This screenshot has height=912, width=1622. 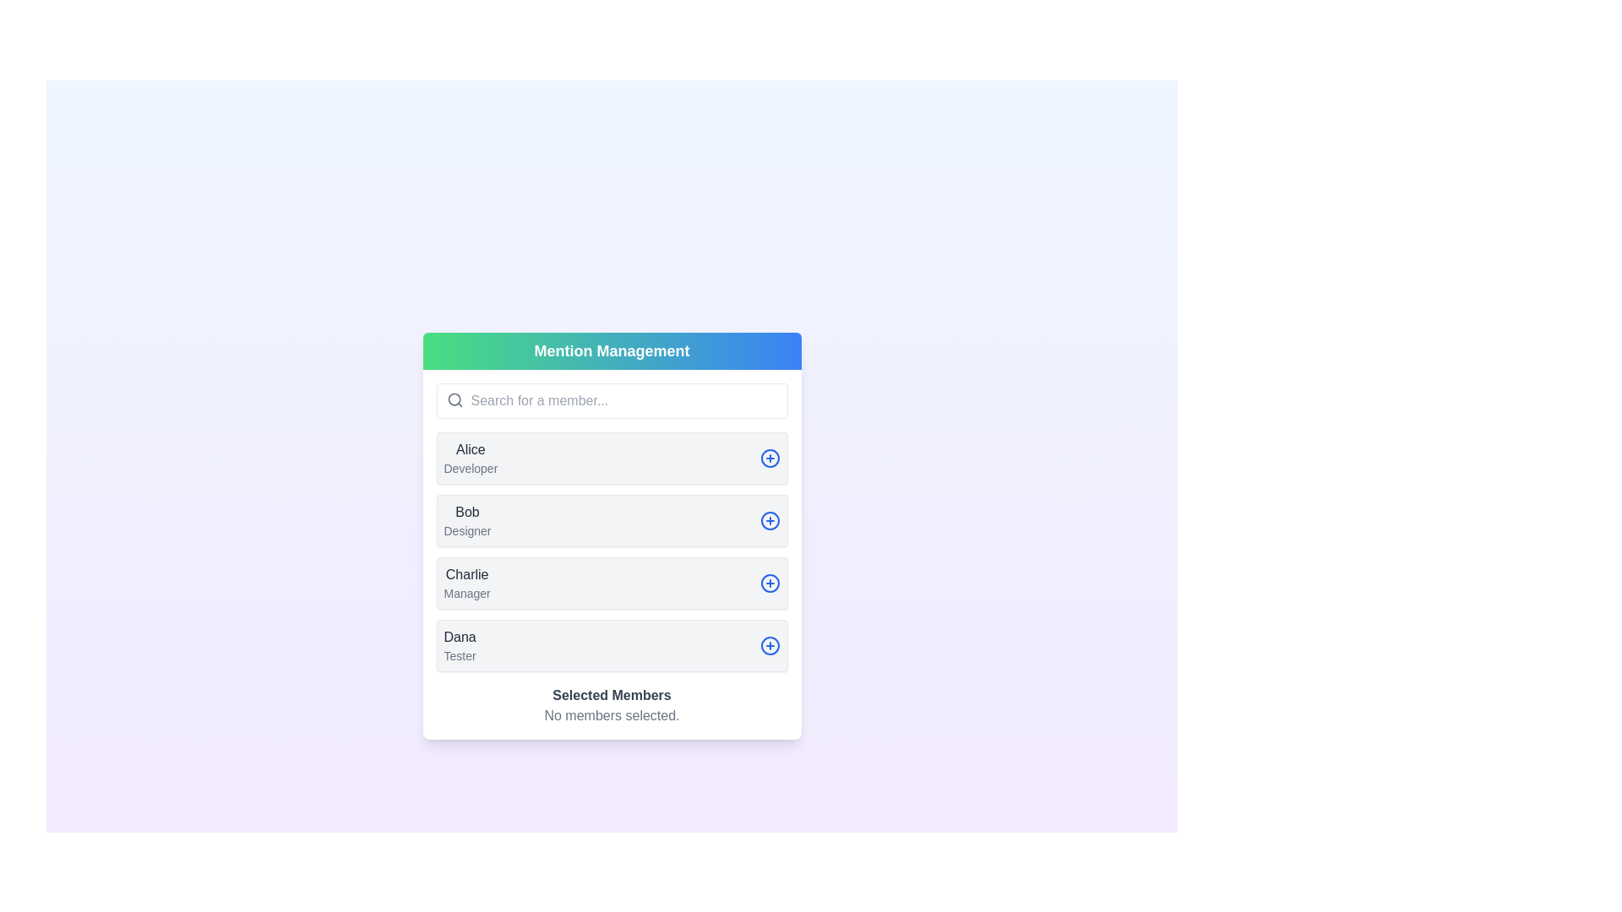 I want to click on the Text label that identifies 'Bob' in the member management interface, located between 'Alice Developer' and 'Charlie Manager', so click(x=467, y=511).